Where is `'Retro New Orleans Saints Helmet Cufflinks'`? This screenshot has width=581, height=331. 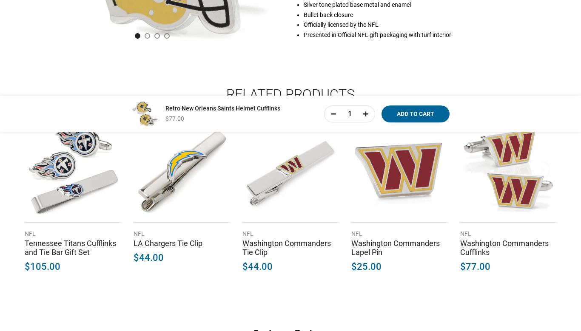 'Retro New Orleans Saints Helmet Cufflinks' is located at coordinates (222, 108).